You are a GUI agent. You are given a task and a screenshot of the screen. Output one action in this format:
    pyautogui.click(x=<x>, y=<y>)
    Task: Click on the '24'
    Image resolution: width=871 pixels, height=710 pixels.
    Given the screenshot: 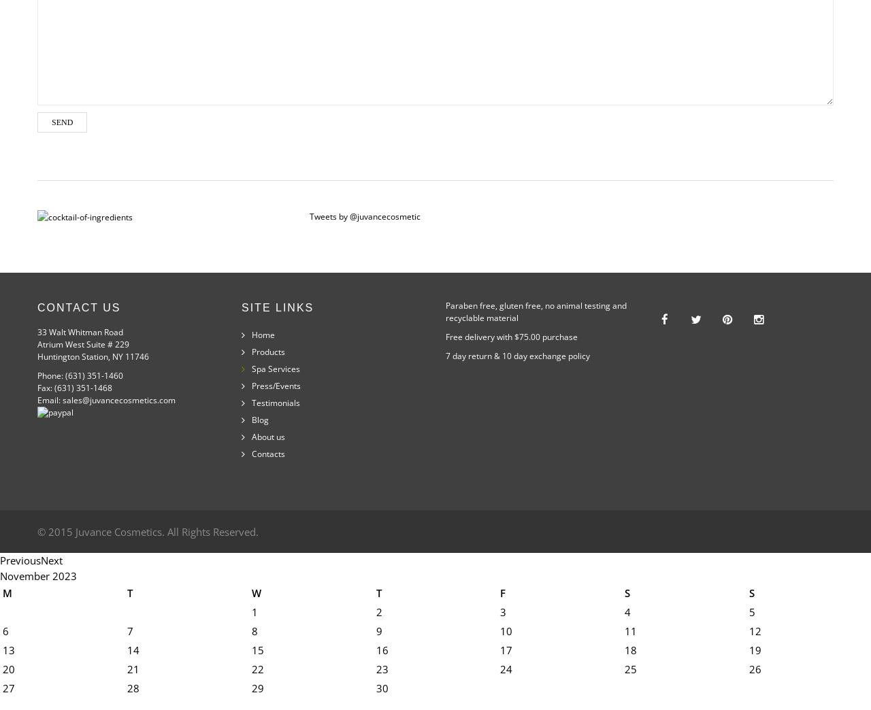 What is the action you would take?
    pyautogui.click(x=506, y=669)
    